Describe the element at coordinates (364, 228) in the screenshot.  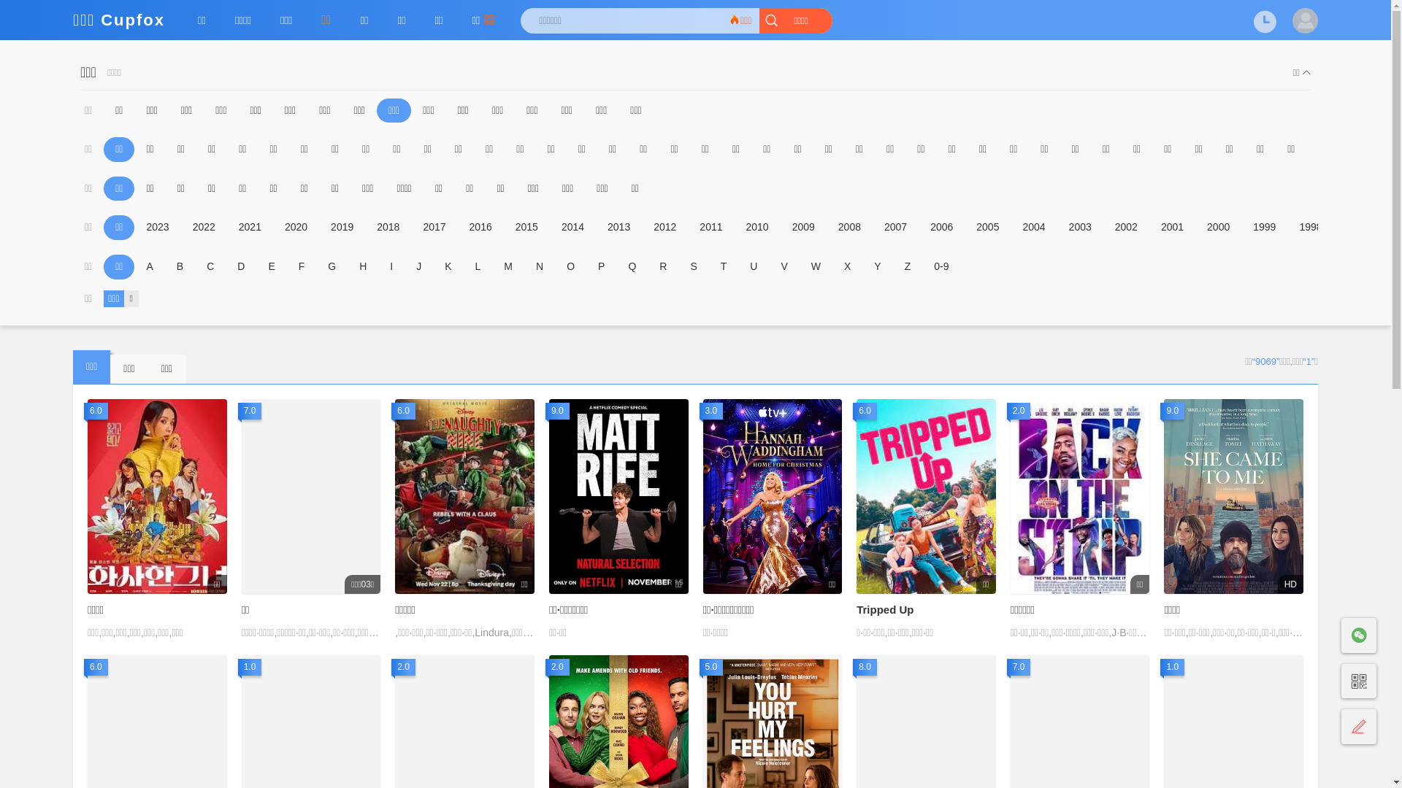
I see `'2018'` at that location.